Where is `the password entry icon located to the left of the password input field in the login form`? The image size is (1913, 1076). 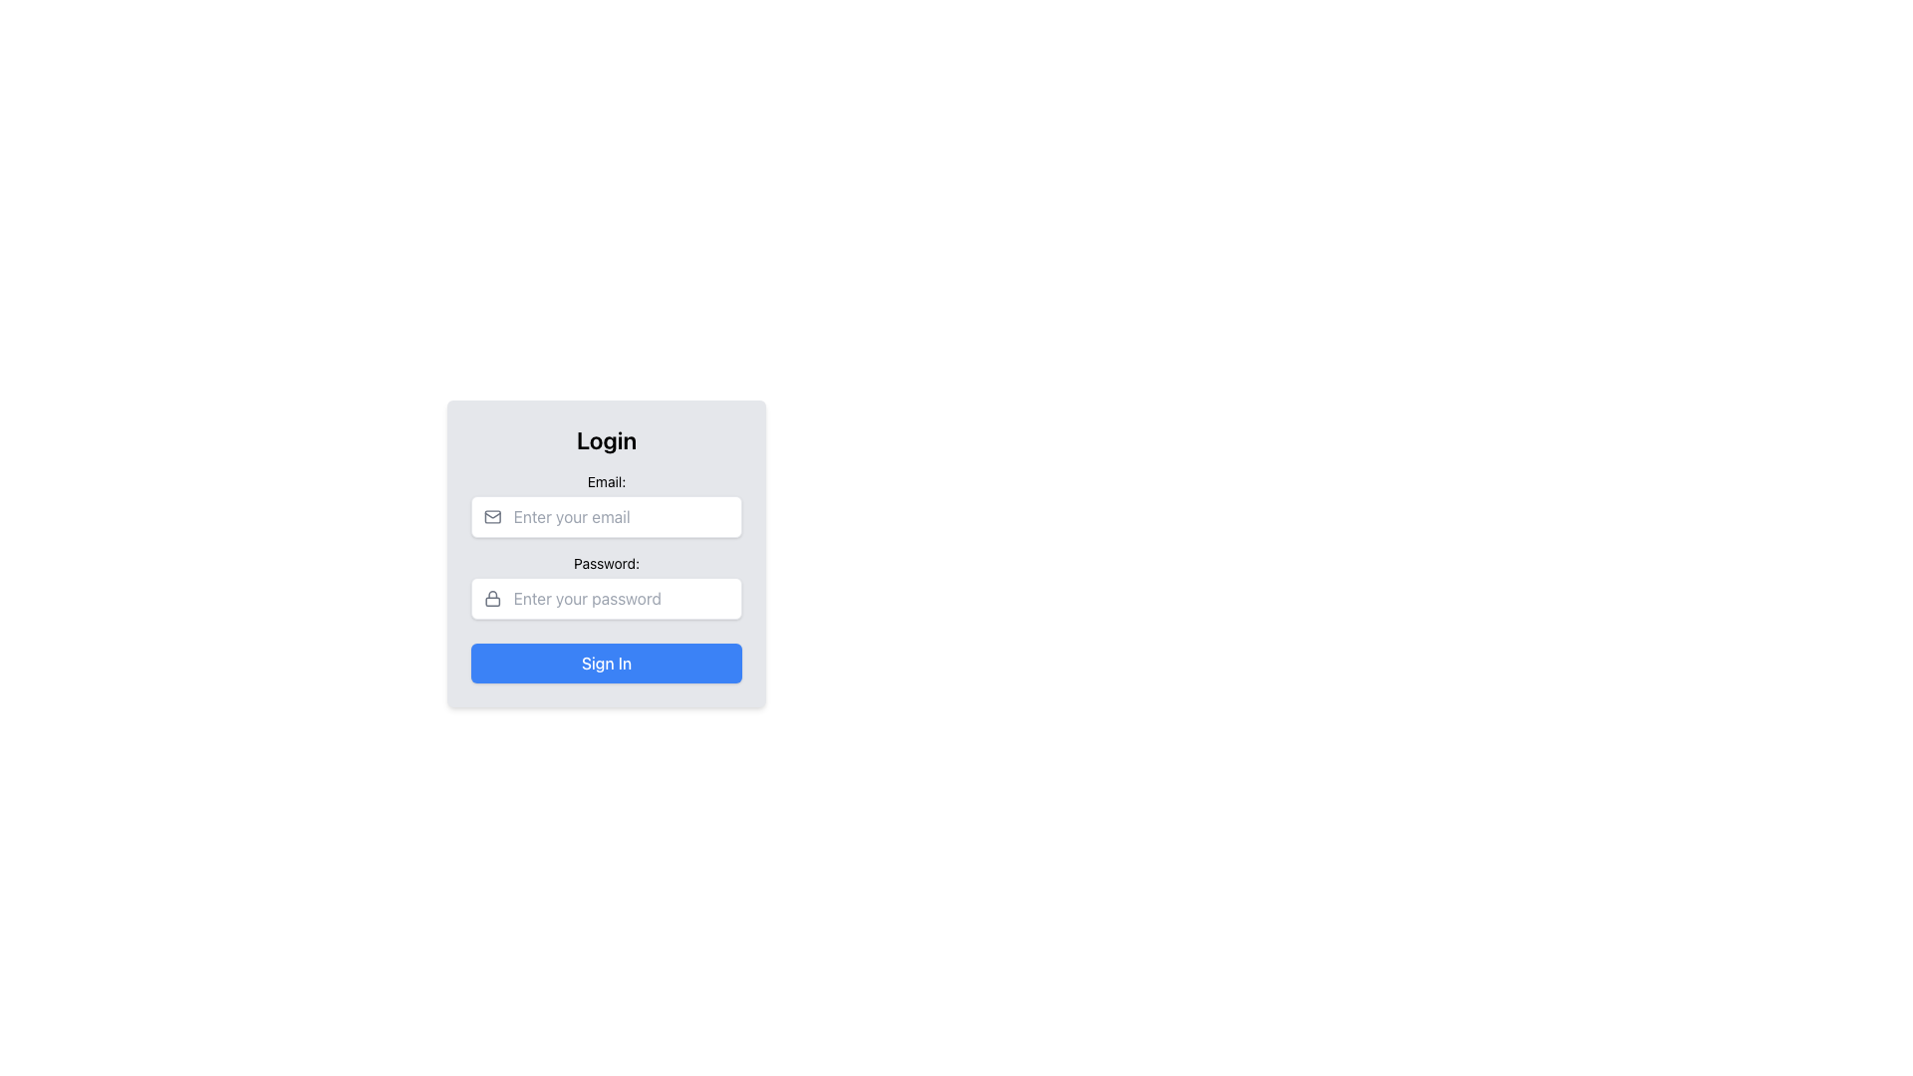
the password entry icon located to the left of the password input field in the login form is located at coordinates (492, 598).